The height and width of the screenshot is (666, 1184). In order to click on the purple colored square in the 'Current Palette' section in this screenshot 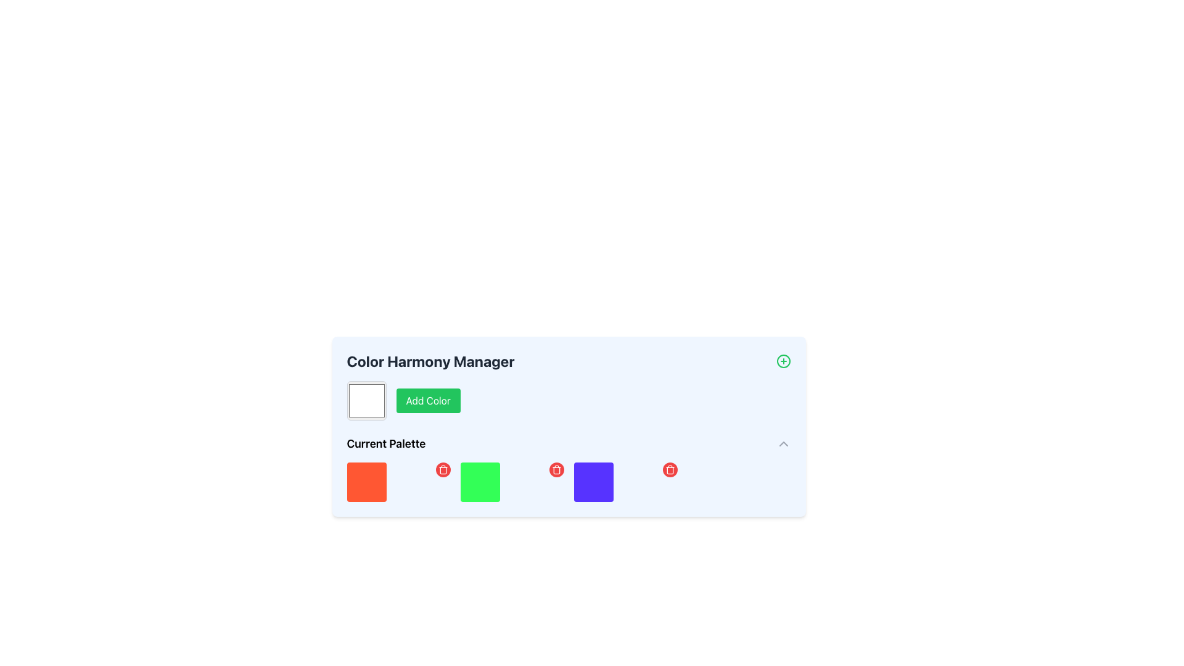, I will do `click(568, 468)`.